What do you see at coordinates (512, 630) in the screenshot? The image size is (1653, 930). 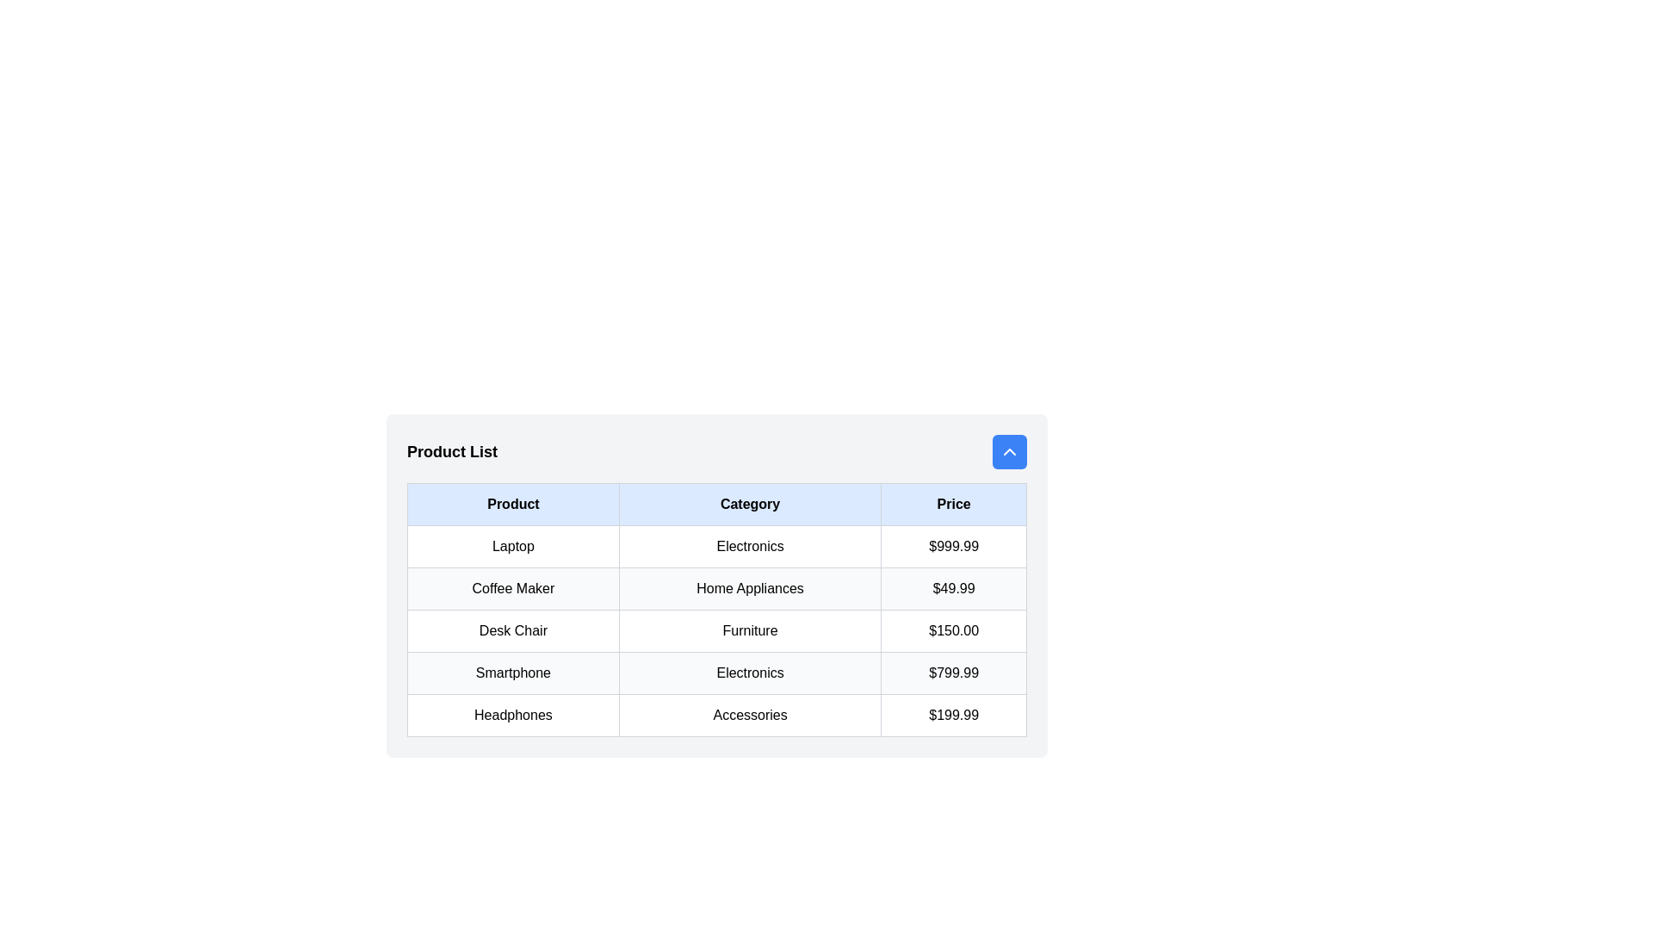 I see `text from the 'Desk Chair' label, which is the first element in a row of products, styled with a light gray background and bold font` at bounding box center [512, 630].